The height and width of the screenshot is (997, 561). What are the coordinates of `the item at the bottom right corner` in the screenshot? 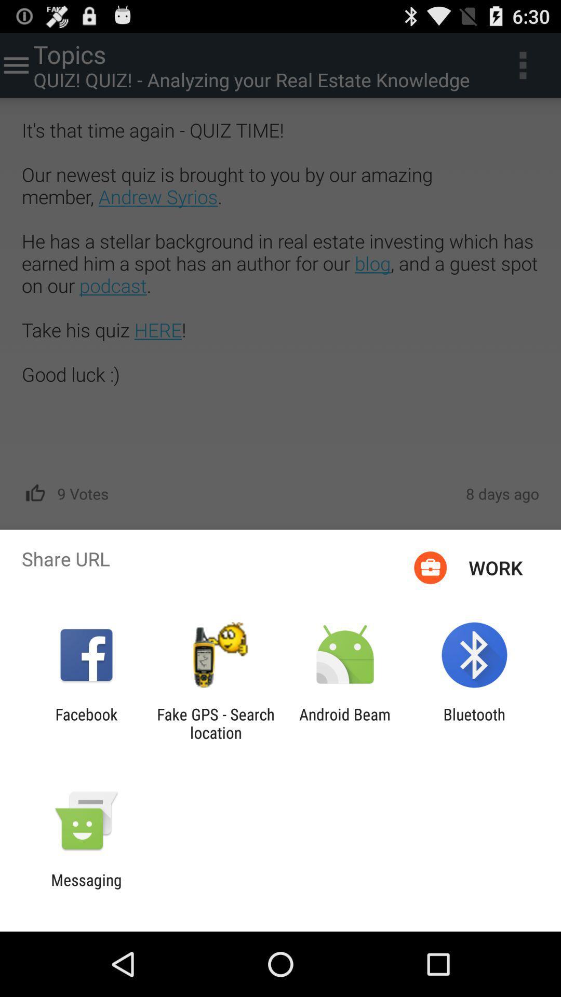 It's located at (474, 723).